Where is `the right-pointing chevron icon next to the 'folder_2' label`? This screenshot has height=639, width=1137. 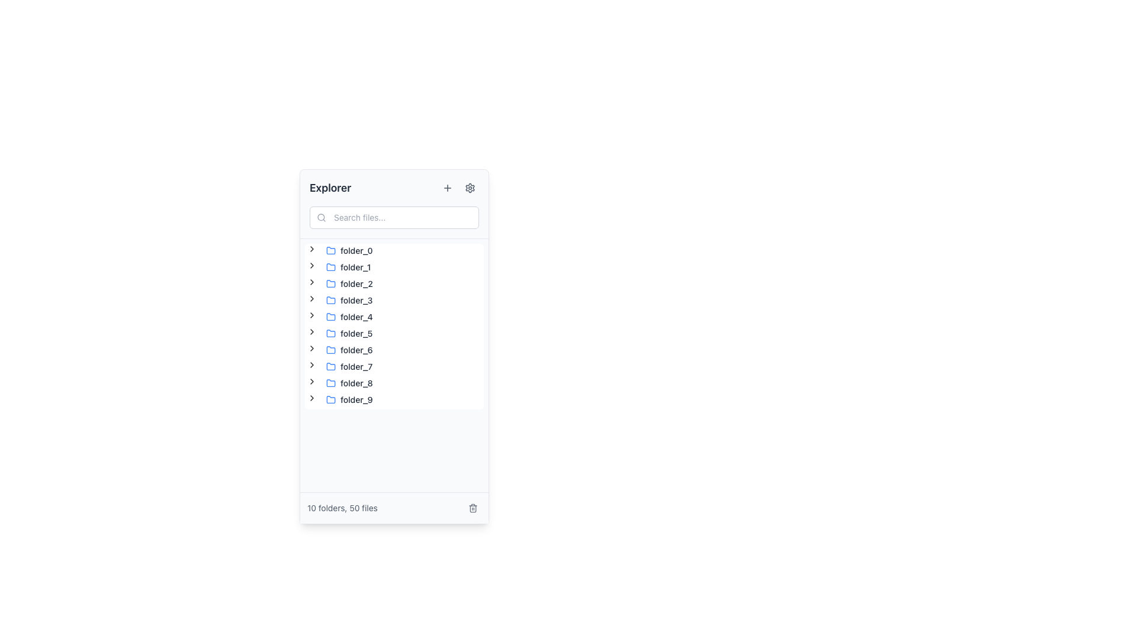
the right-pointing chevron icon next to the 'folder_2' label is located at coordinates (312, 283).